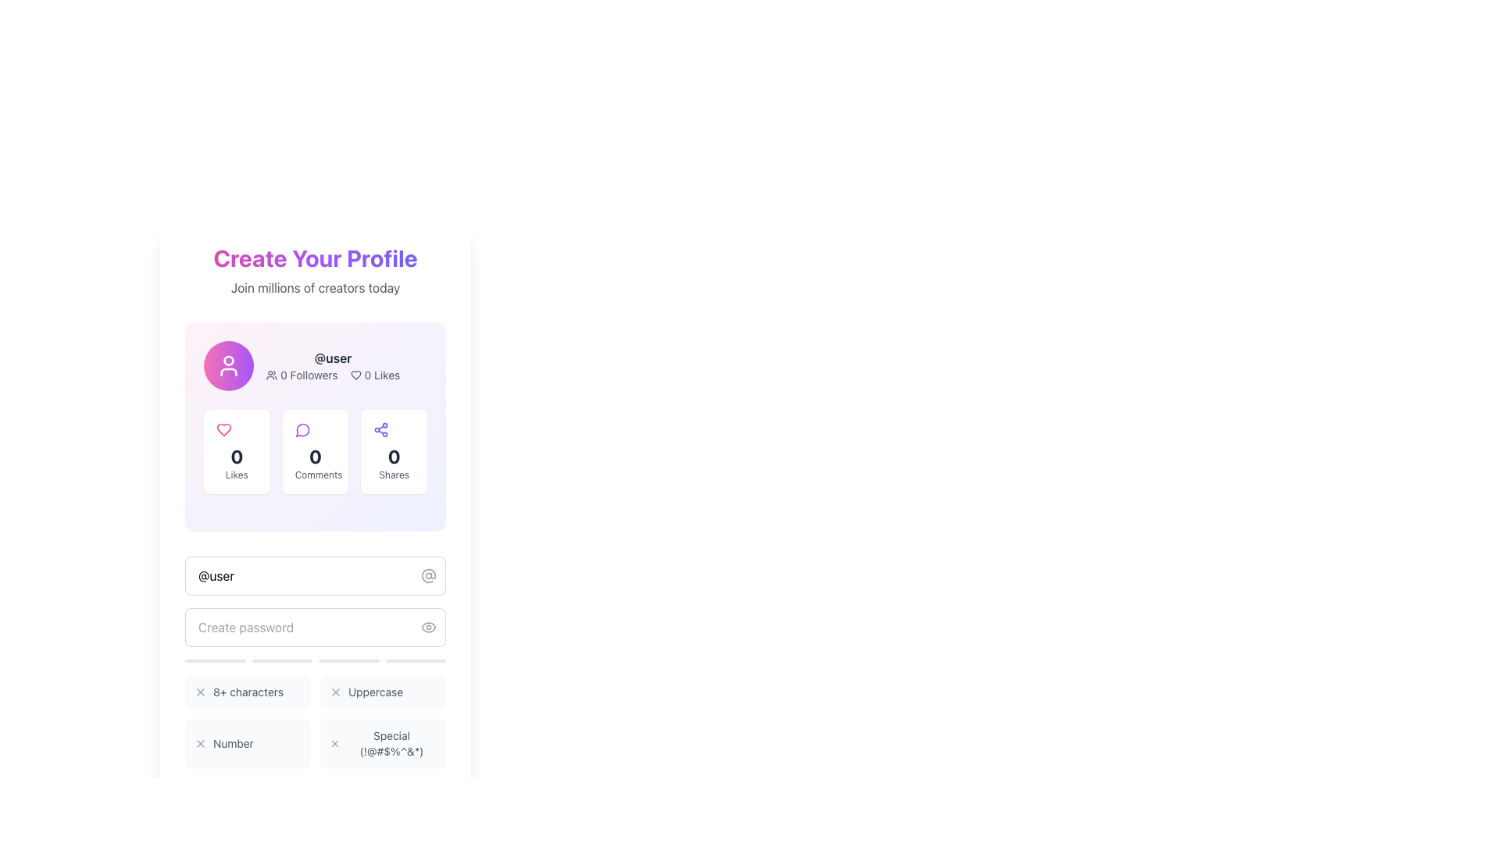 The image size is (1500, 843). What do you see at coordinates (223, 430) in the screenshot?
I see `the heart-shaped icon with a pink outline located above the '0 Likes' text` at bounding box center [223, 430].